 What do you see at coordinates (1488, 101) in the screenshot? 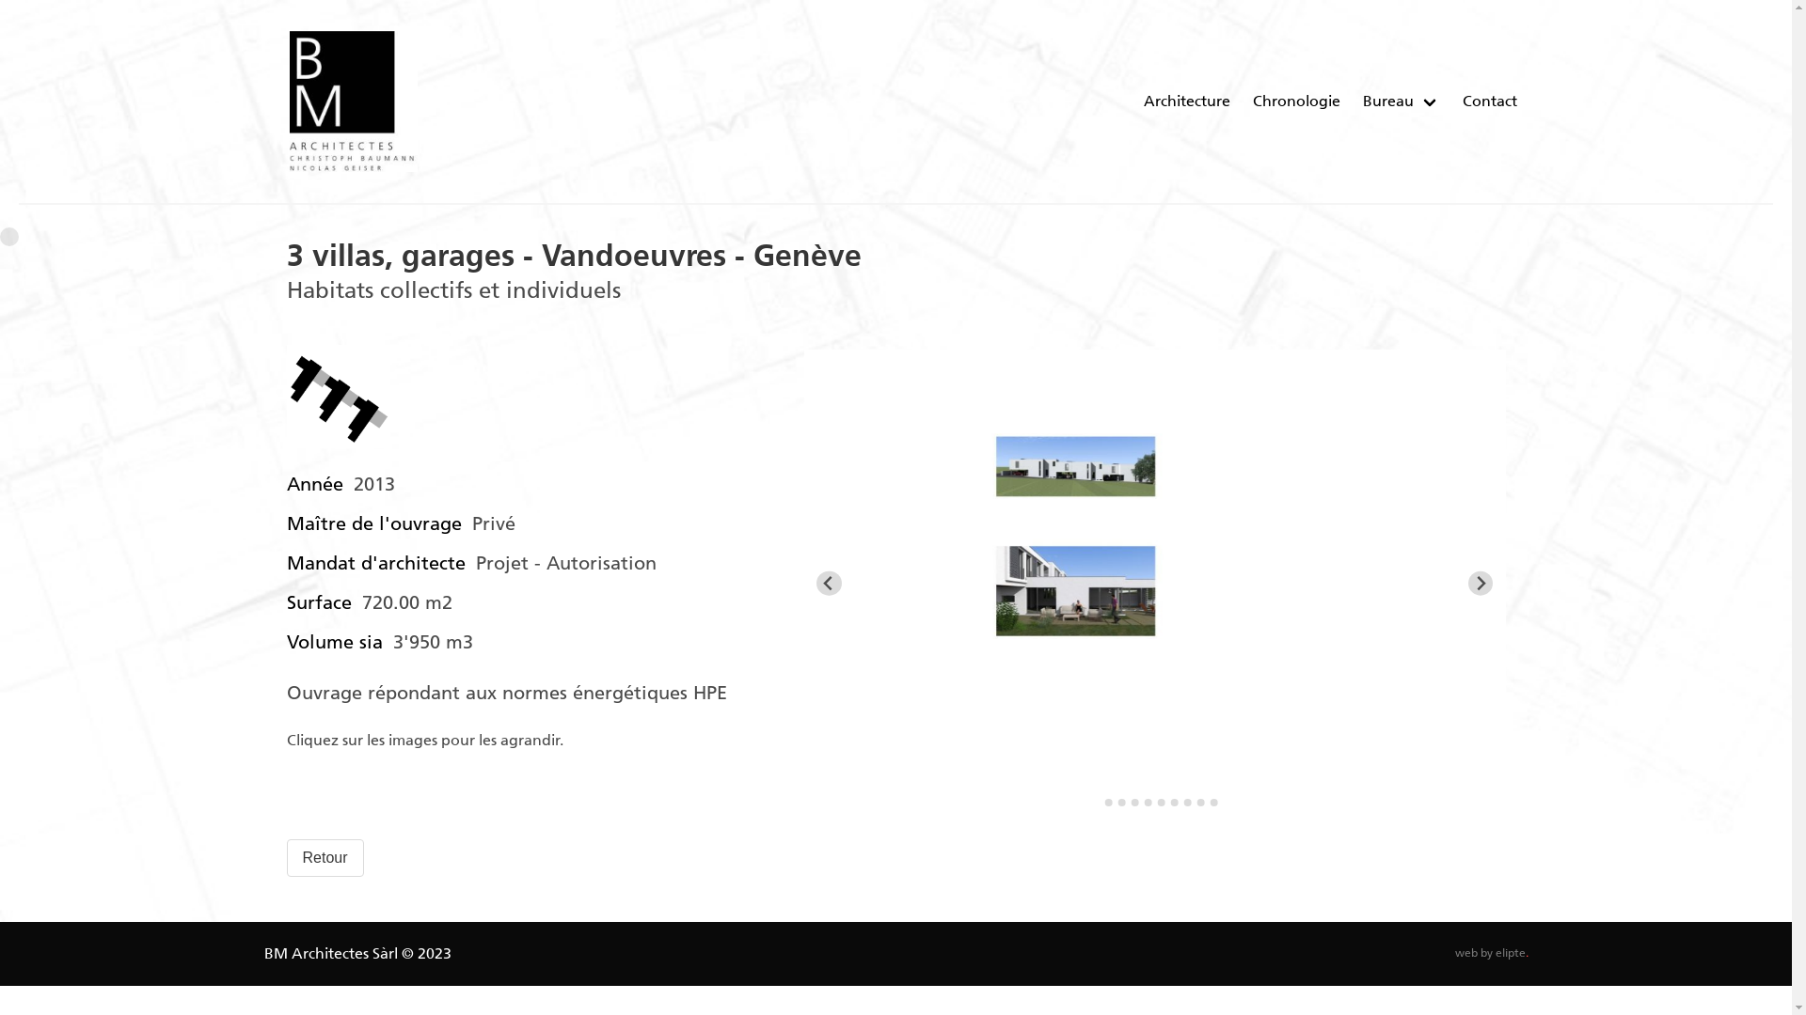
I see `'Contact'` at bounding box center [1488, 101].